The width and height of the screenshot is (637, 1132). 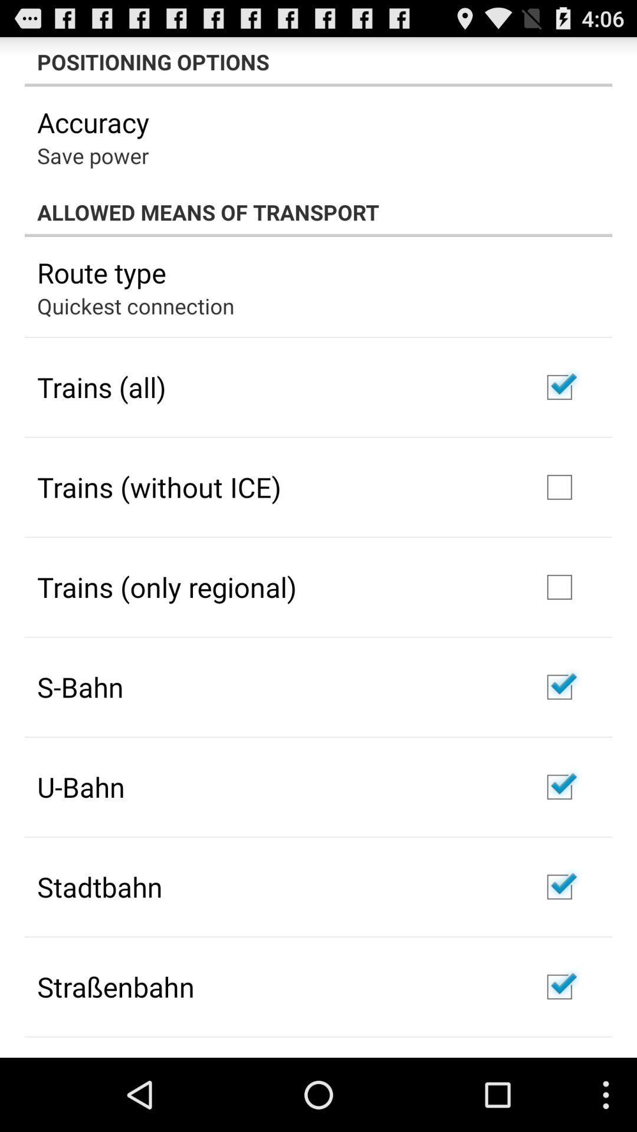 I want to click on quickest connection item, so click(x=135, y=305).